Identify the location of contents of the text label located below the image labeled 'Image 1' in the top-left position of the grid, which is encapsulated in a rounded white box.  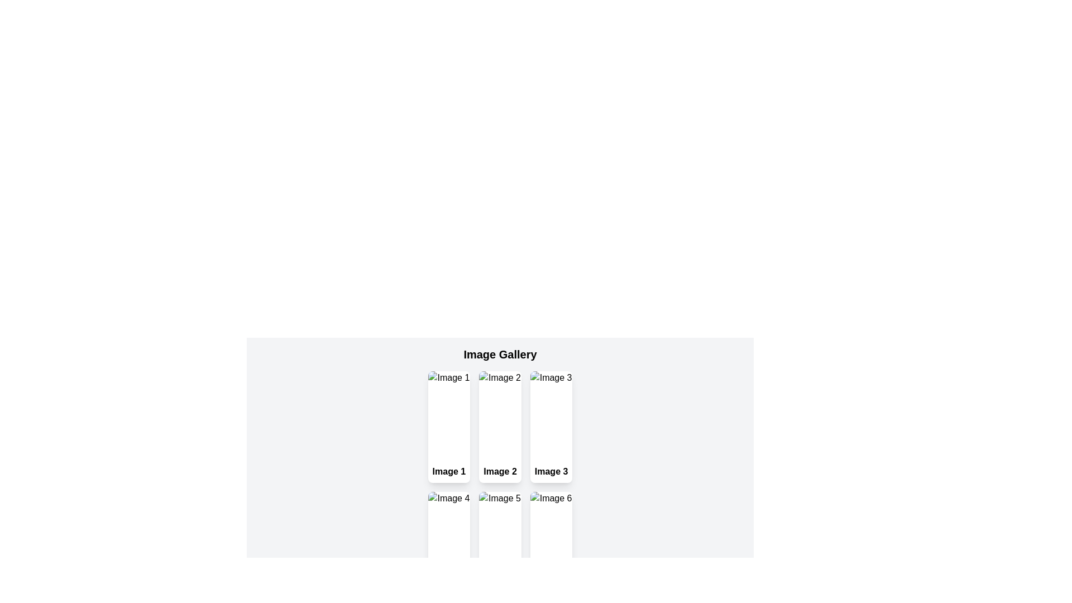
(449, 471).